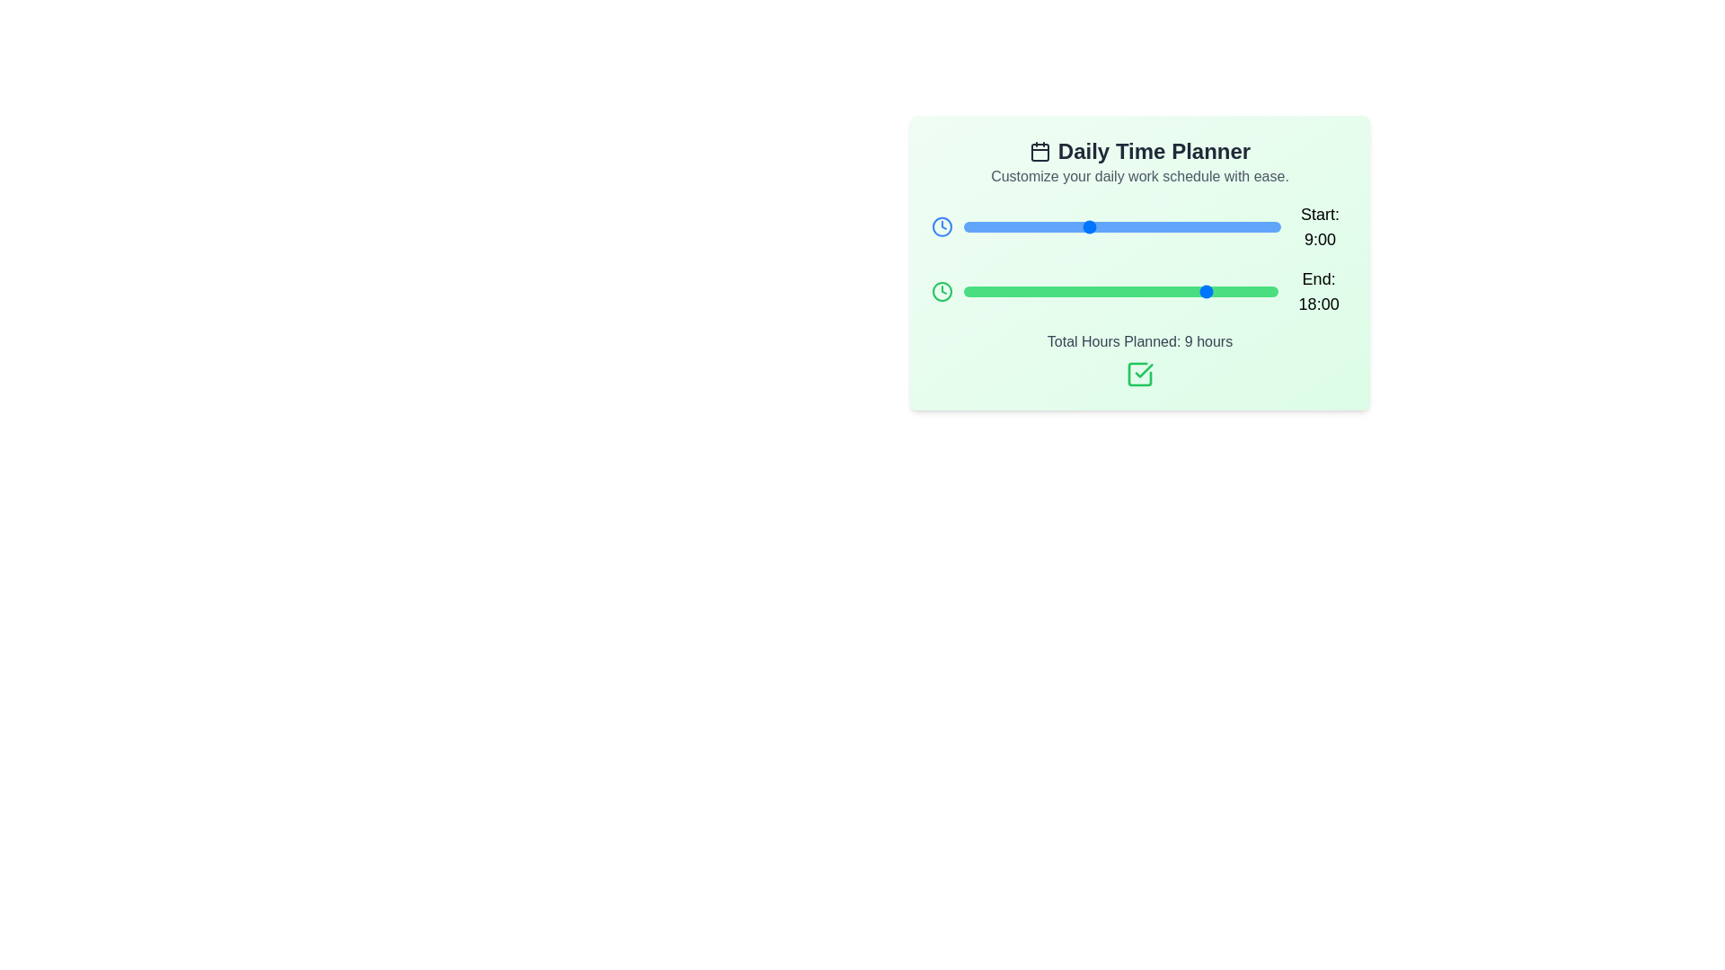 The height and width of the screenshot is (970, 1725). What do you see at coordinates (1047, 226) in the screenshot?
I see `the 'Start' slider to set the start time to 6` at bounding box center [1047, 226].